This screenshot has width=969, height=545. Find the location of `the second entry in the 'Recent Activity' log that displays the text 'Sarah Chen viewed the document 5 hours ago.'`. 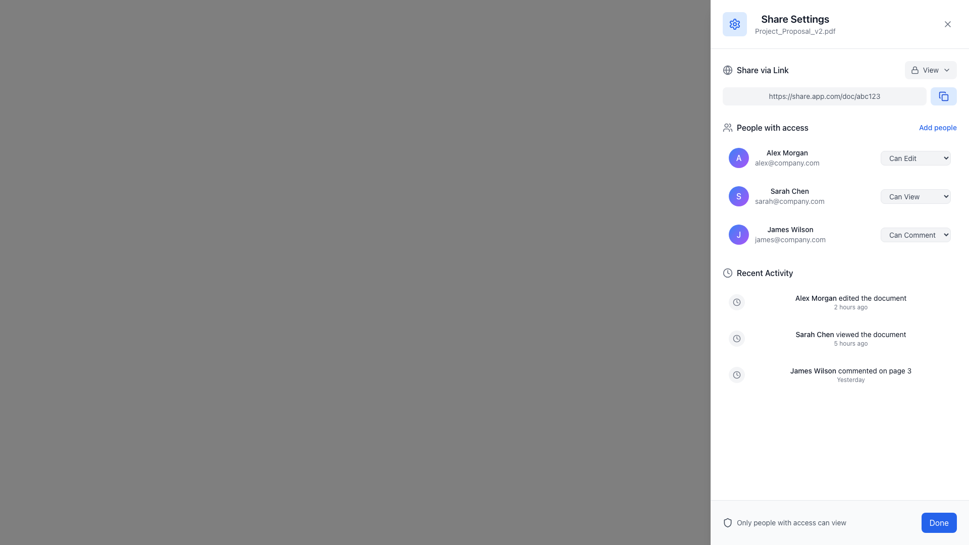

the second entry in the 'Recent Activity' log that displays the text 'Sarah Chen viewed the document 5 hours ago.' is located at coordinates (840, 339).